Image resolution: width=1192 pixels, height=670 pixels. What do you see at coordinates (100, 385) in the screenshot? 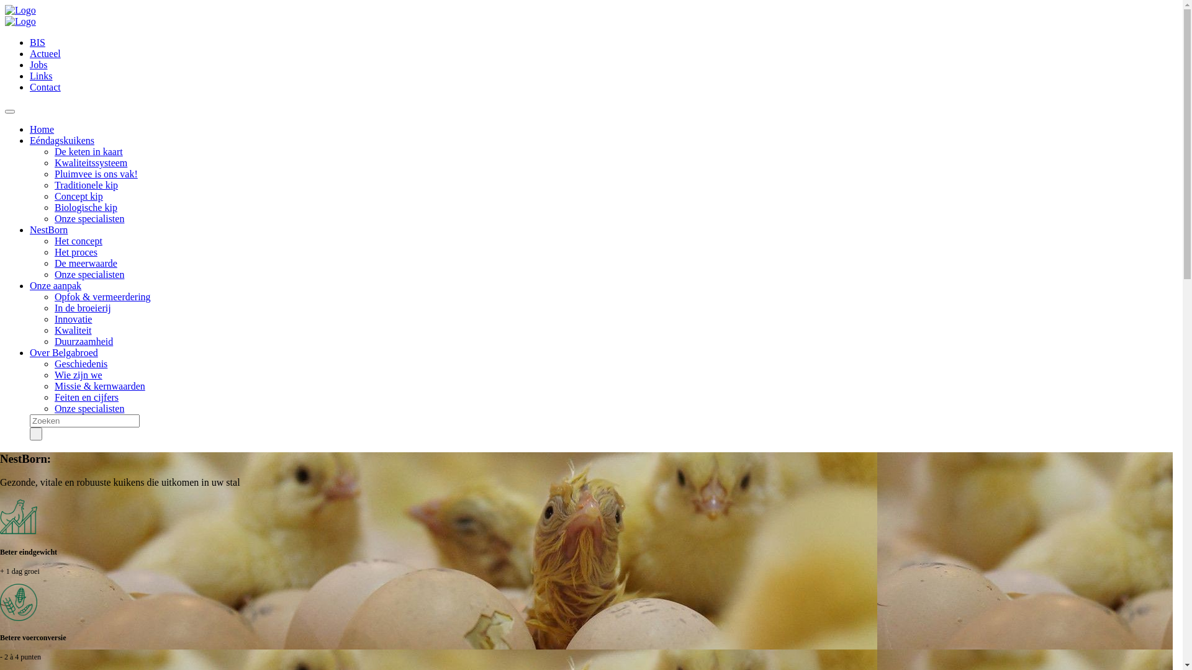
I see `'Missie & kernwaarden'` at bounding box center [100, 385].